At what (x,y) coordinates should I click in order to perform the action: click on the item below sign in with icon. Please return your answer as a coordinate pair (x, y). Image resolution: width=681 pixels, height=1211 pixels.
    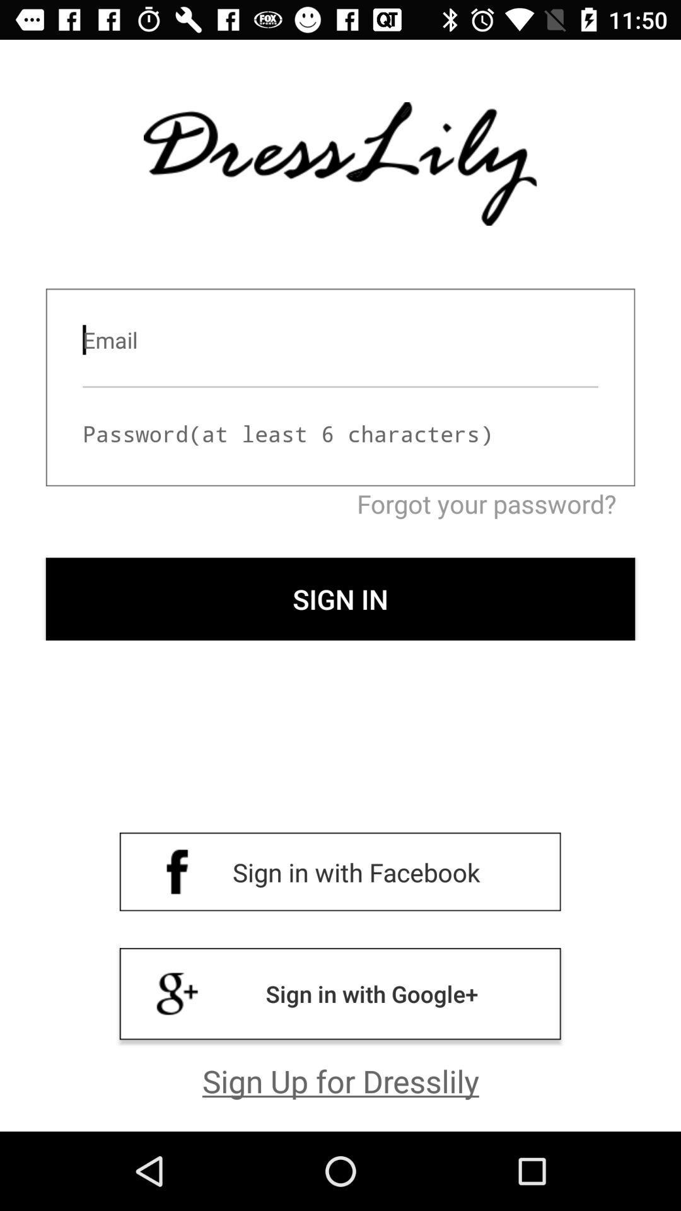
    Looking at the image, I should click on (340, 1080).